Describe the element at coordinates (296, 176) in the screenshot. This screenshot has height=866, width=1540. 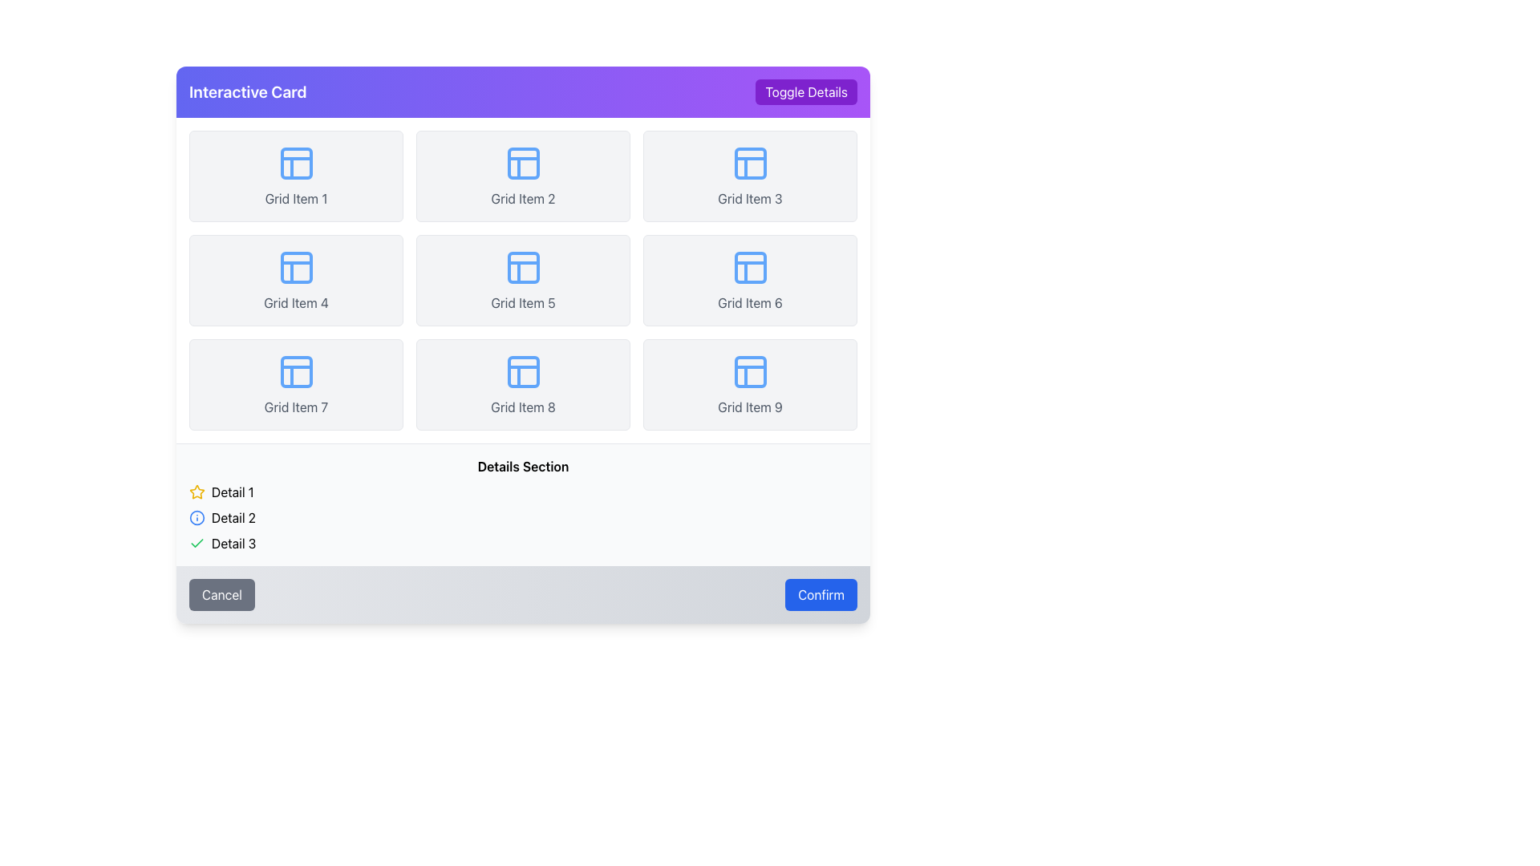
I see `the first card in the grid layout` at that location.